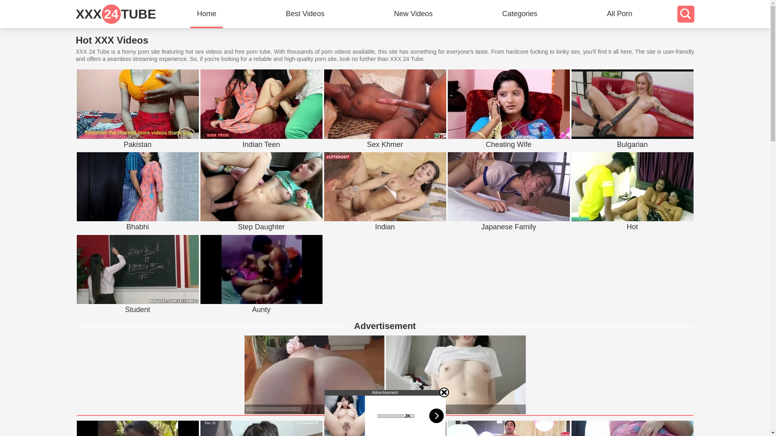 This screenshot has width=776, height=436. Describe the element at coordinates (304, 14) in the screenshot. I see `'Best Videos'` at that location.